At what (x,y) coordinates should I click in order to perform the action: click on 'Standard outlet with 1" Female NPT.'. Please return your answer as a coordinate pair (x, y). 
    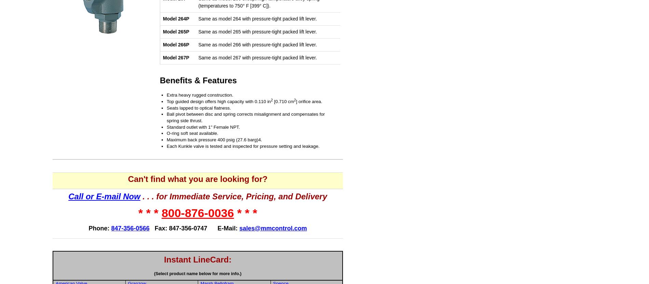
    Looking at the image, I should click on (203, 126).